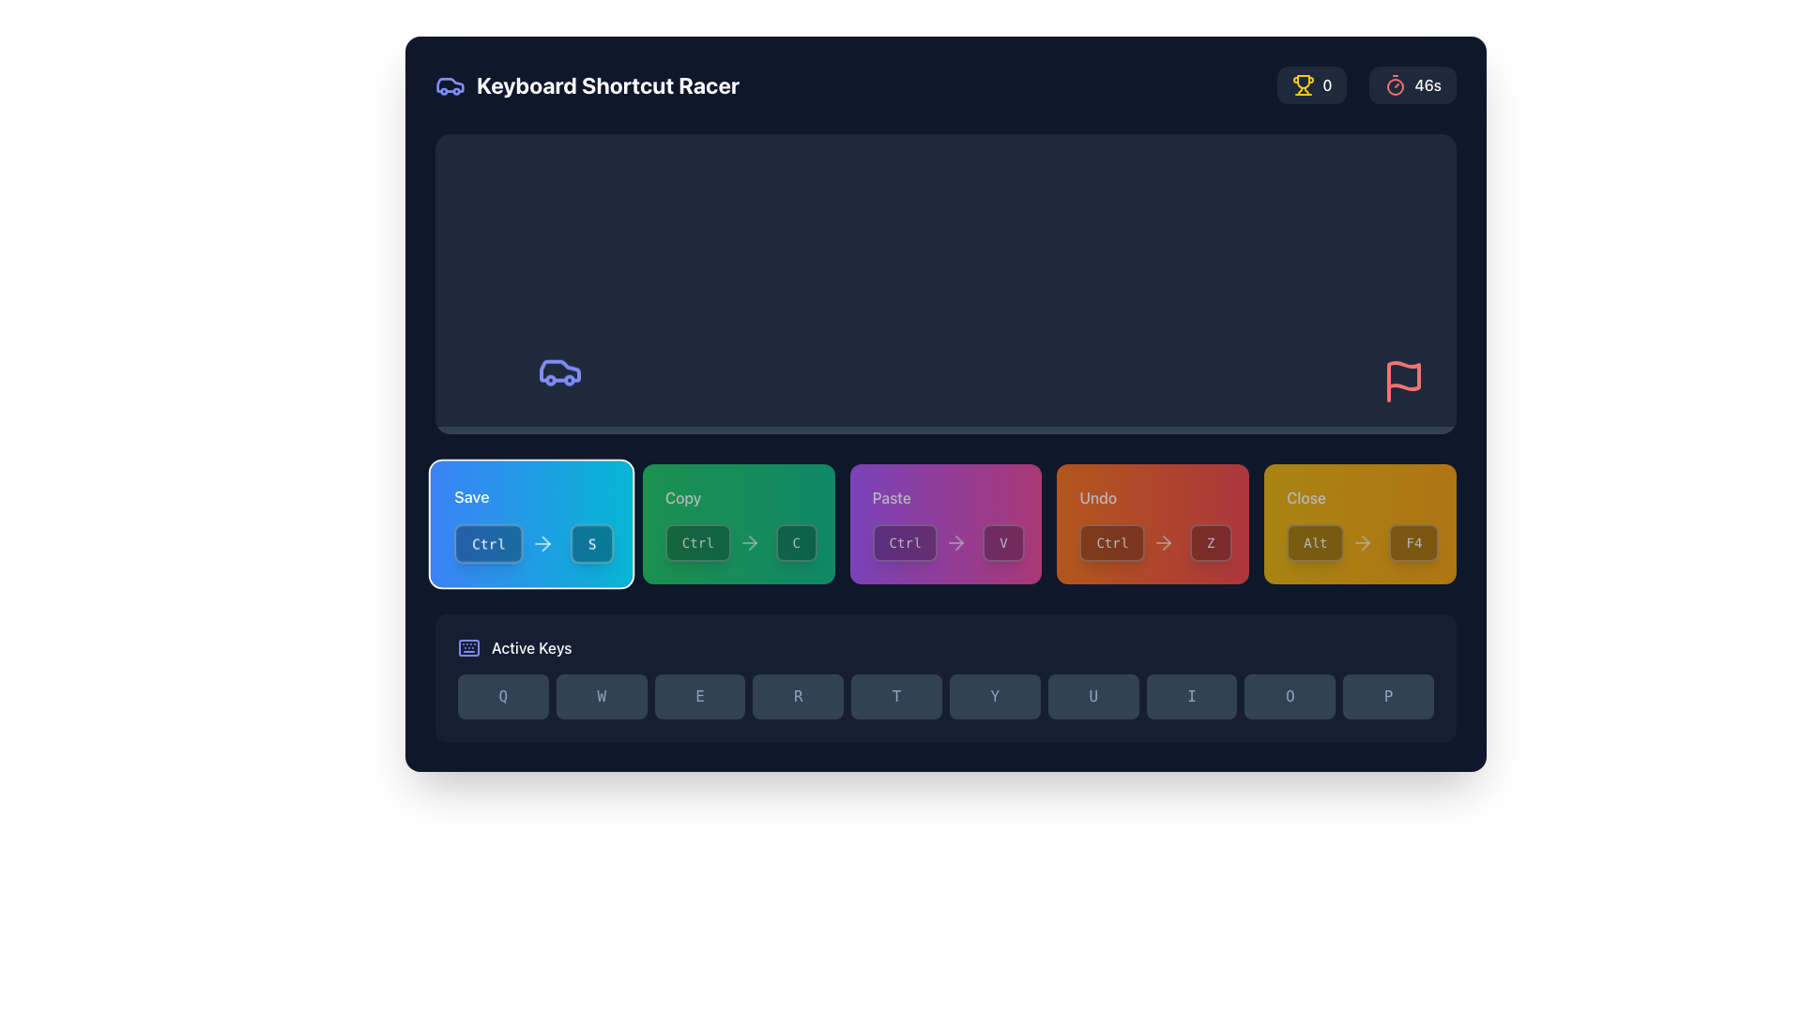 The height and width of the screenshot is (1013, 1802). I want to click on the square button labeled 'Q' with a dark background and rounded corners located in the bottom-left section of the interface, so click(503, 697).